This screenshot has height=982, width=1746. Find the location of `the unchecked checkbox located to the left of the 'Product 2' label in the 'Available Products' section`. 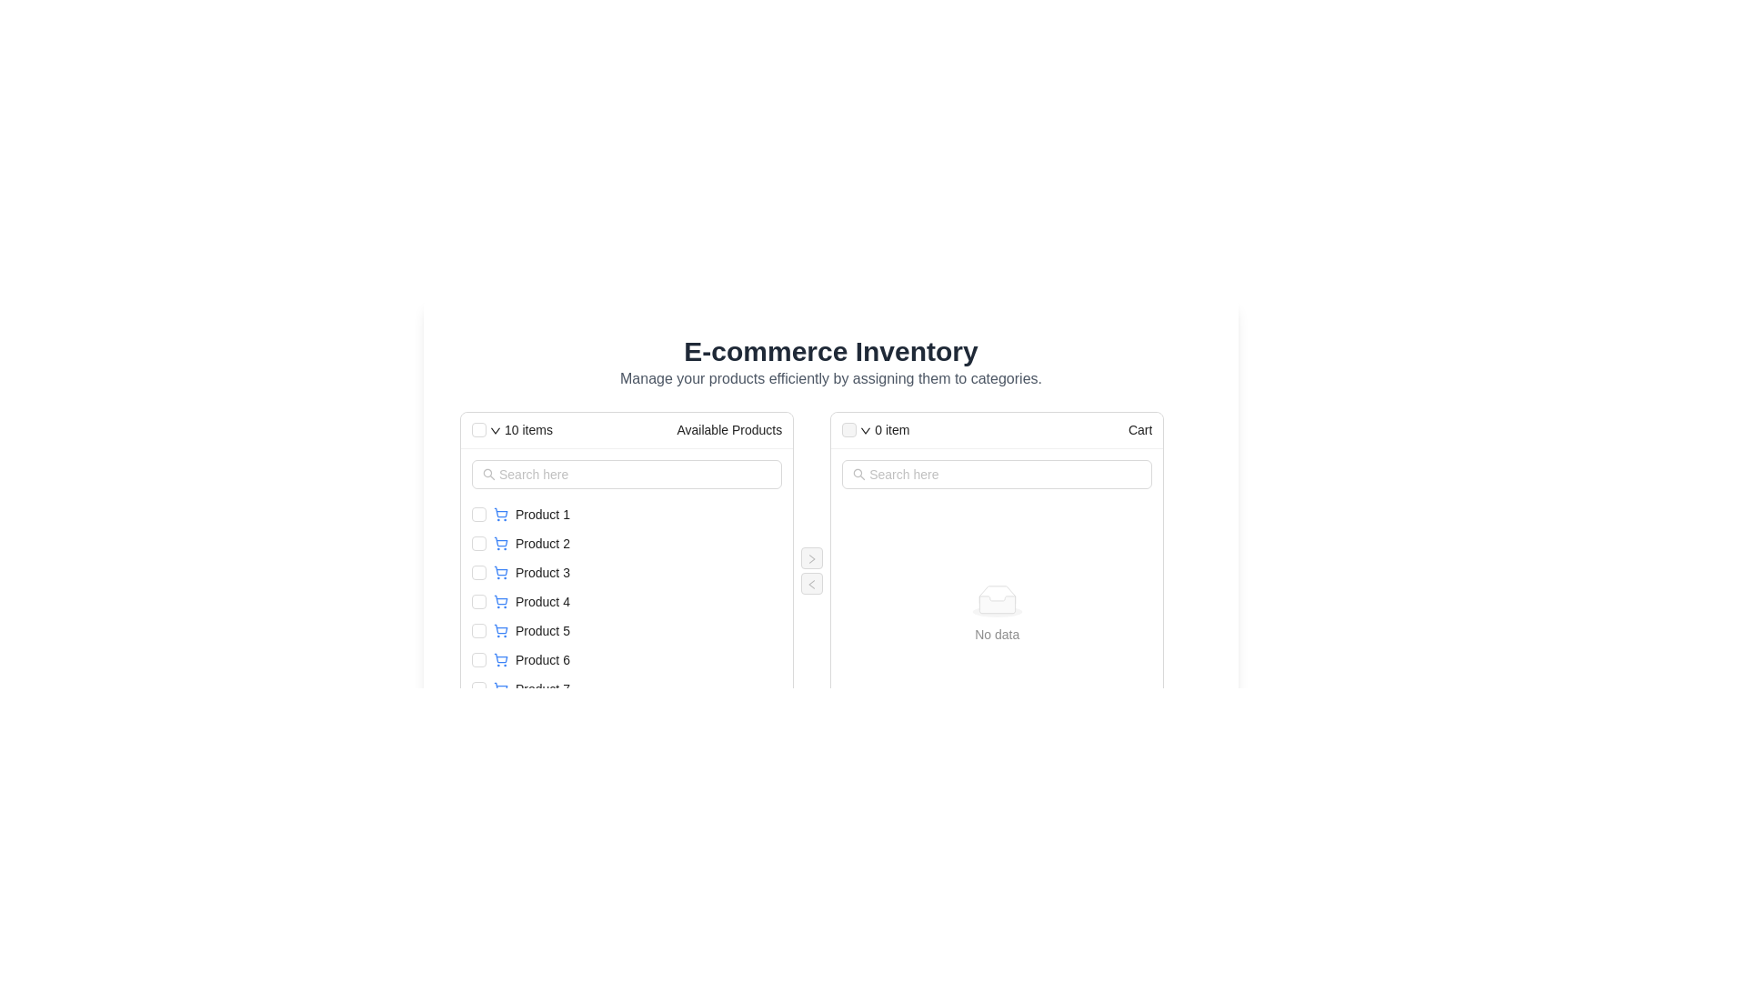

the unchecked checkbox located to the left of the 'Product 2' label in the 'Available Products' section is located at coordinates (479, 542).